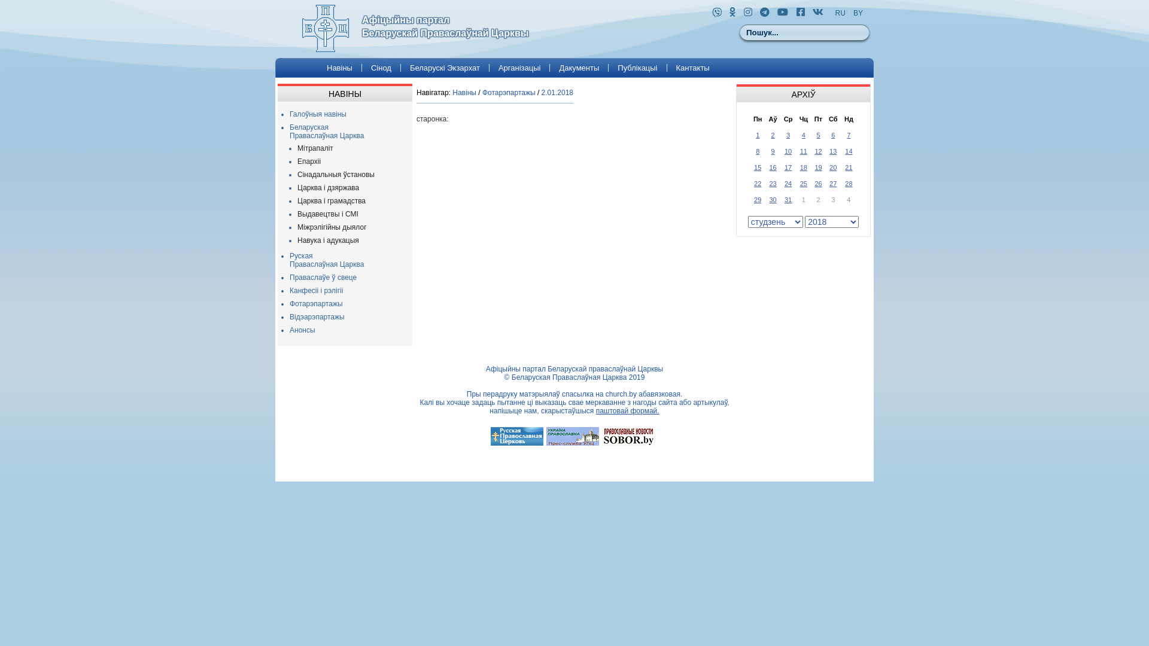  I want to click on '2.01.2018', so click(557, 92).